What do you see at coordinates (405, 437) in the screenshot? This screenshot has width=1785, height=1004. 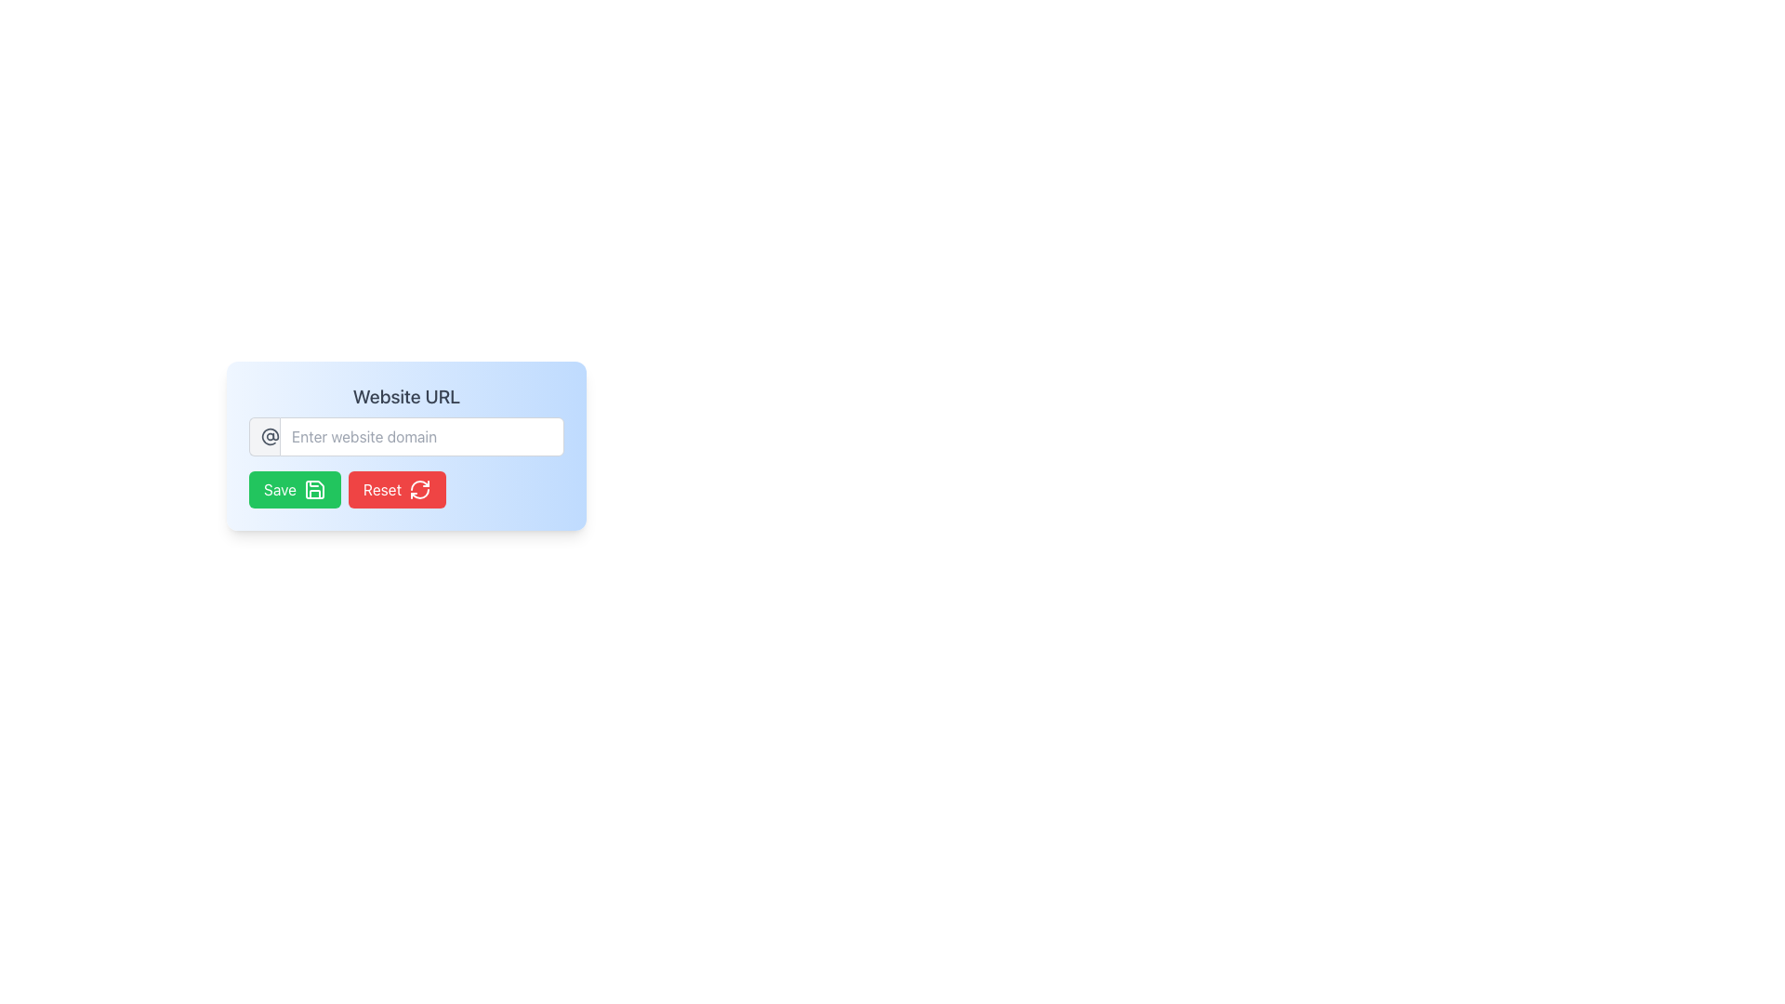 I see `the input field within the compound element containing an '@' icon and a light gray background, positioned below the 'Website URL' label, to potentially reveal tooltips` at bounding box center [405, 437].